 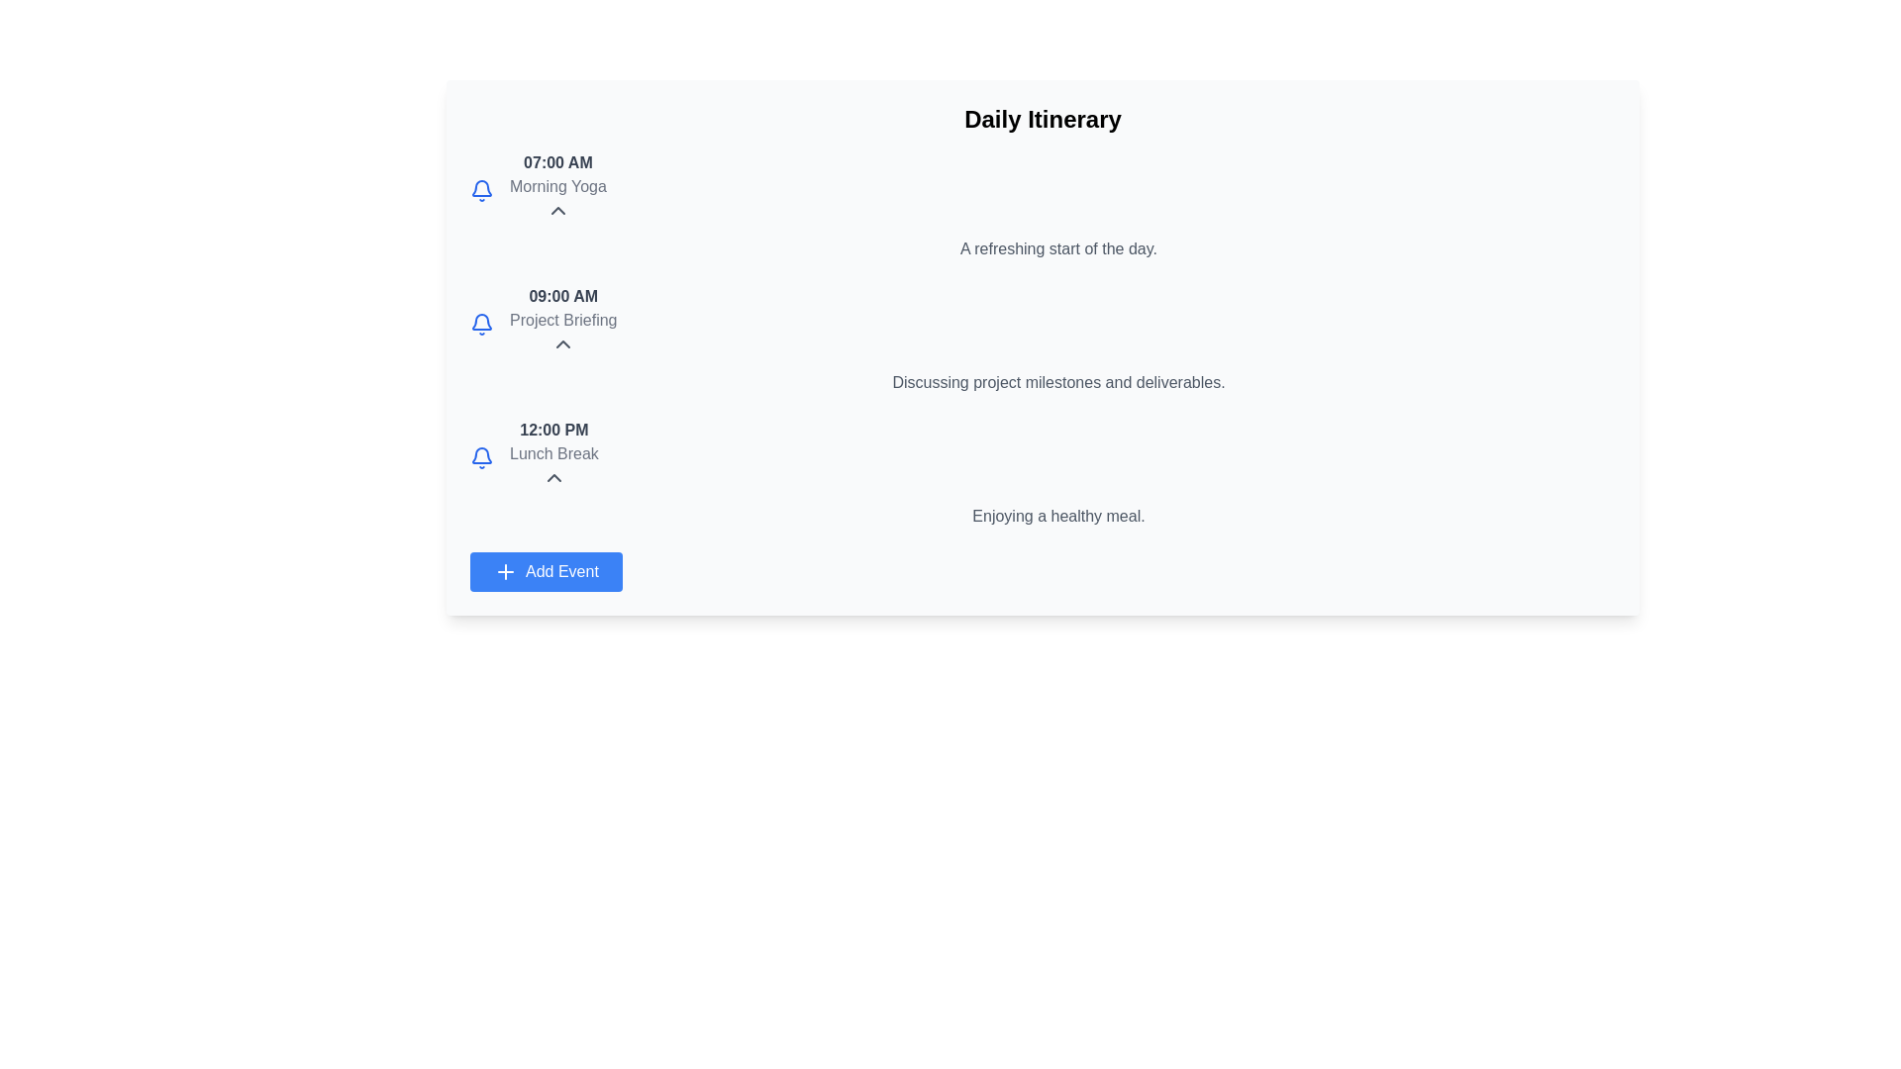 I want to click on the text label displaying '12:00 PM Lunch Break' in the daily itinerary interface, so click(x=553, y=457).